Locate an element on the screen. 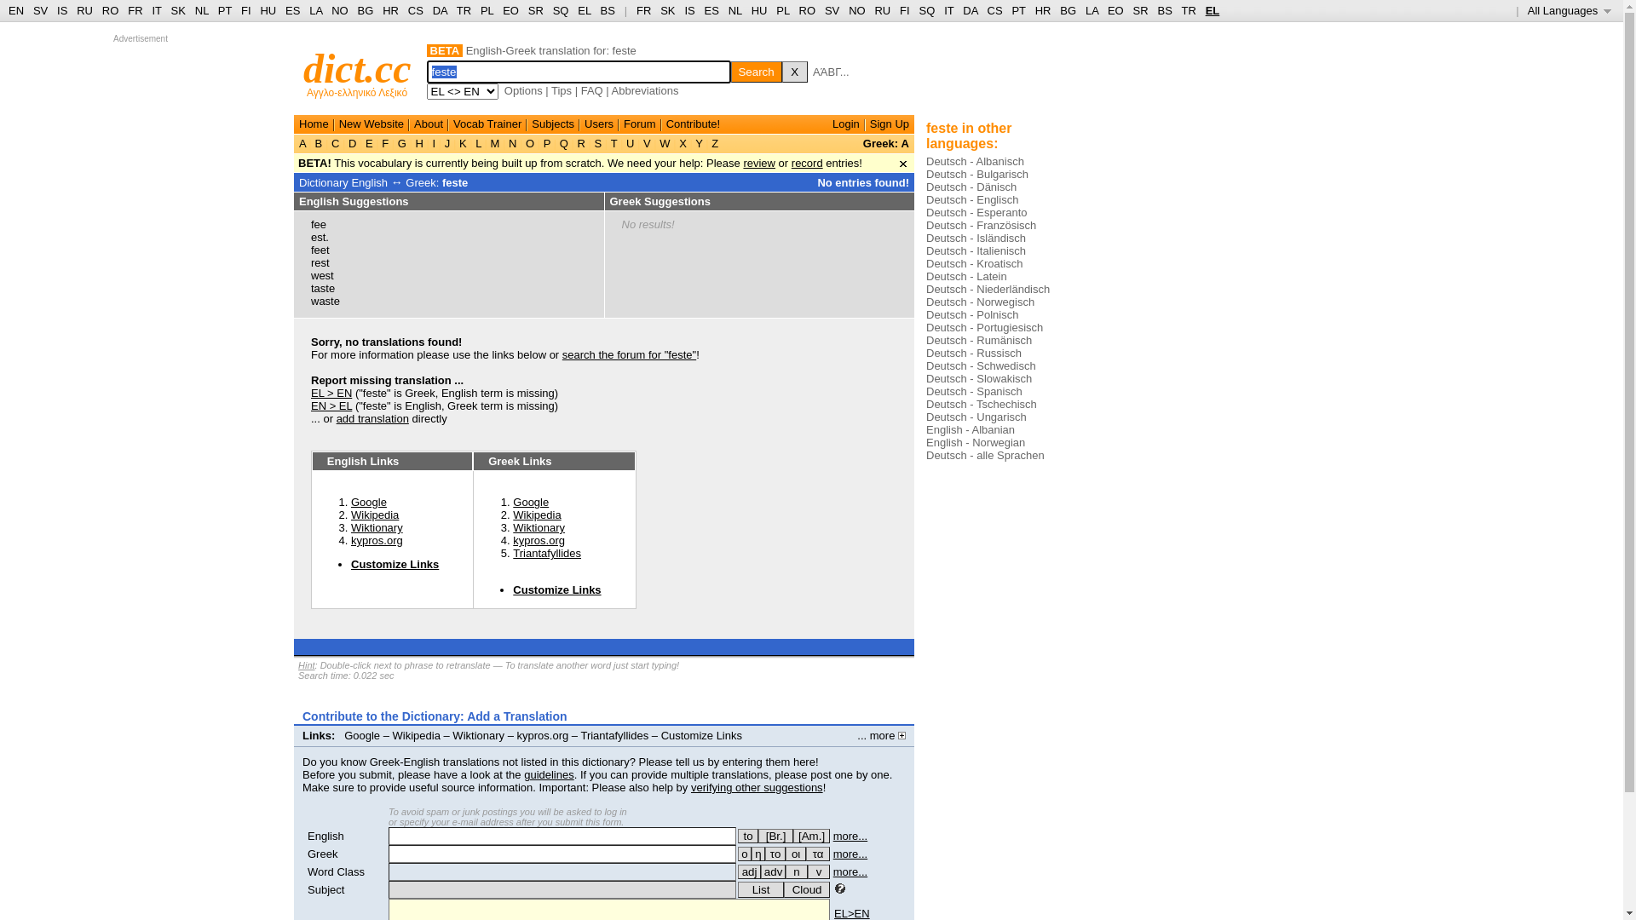  'BS' is located at coordinates (608, 10).